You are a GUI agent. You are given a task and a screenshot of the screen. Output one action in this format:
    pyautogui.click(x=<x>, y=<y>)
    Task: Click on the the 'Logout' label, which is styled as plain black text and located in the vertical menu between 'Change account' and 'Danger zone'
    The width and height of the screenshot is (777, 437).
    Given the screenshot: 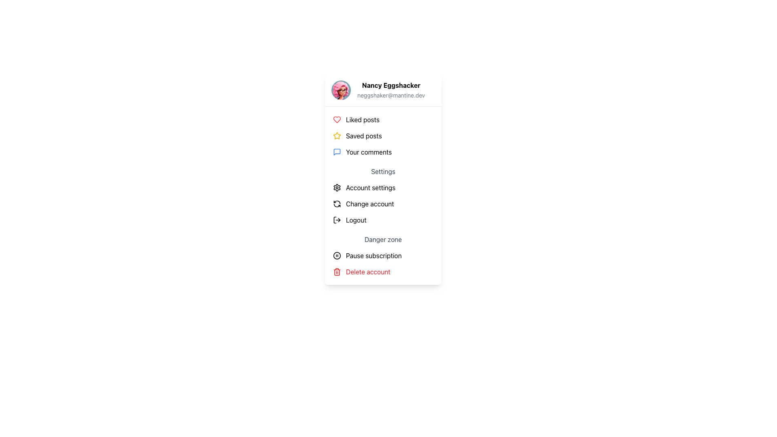 What is the action you would take?
    pyautogui.click(x=356, y=220)
    